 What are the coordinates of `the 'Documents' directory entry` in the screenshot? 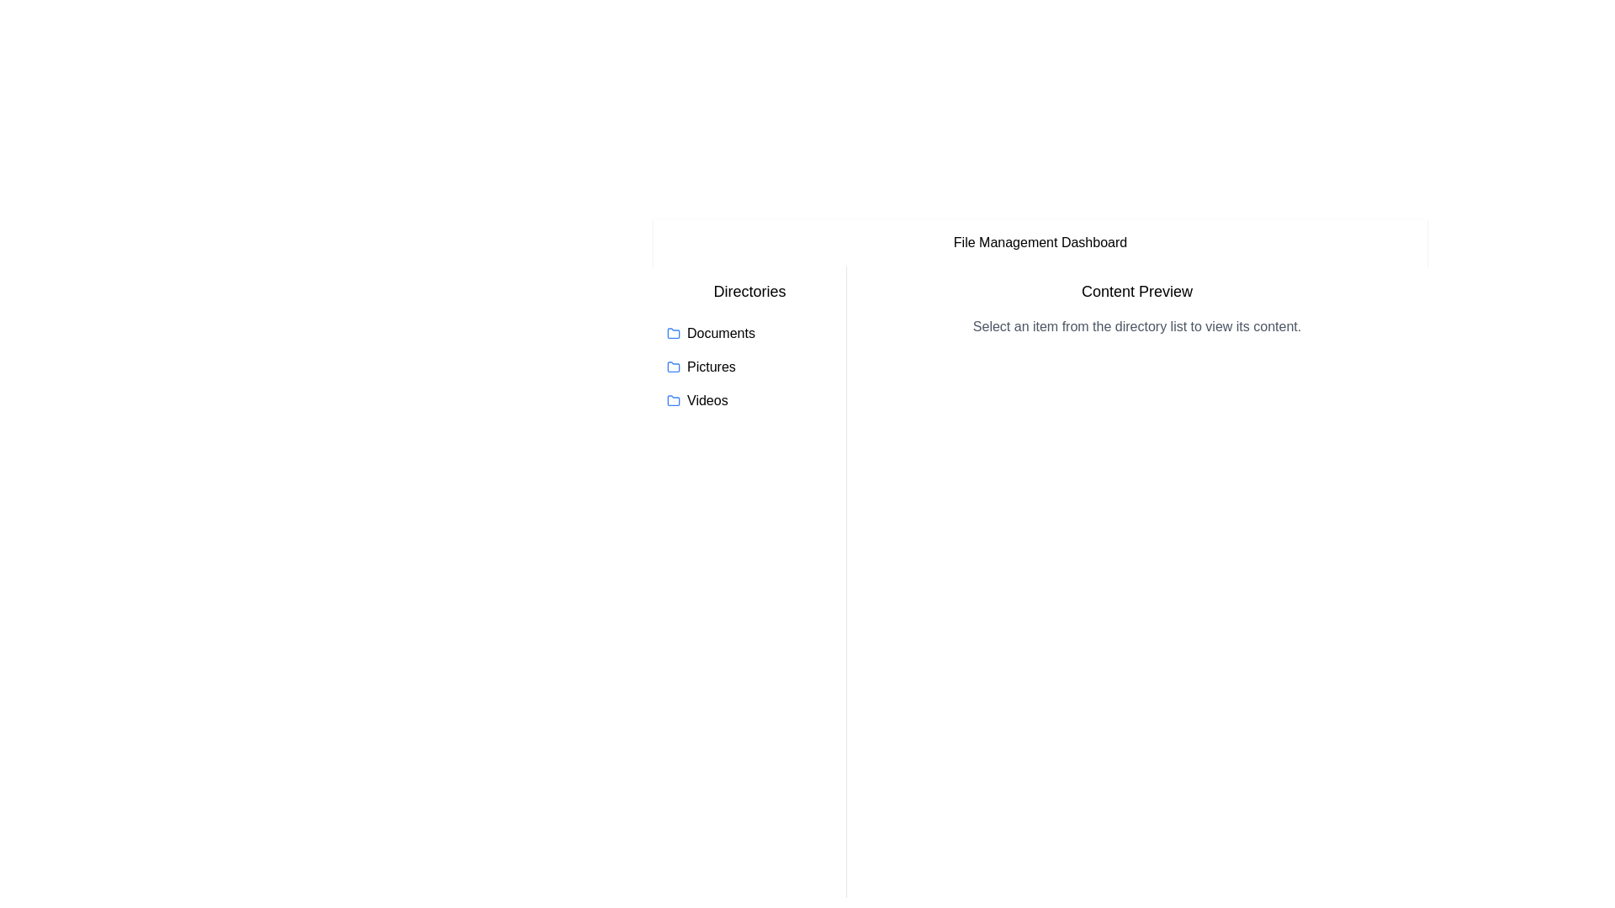 It's located at (749, 334).